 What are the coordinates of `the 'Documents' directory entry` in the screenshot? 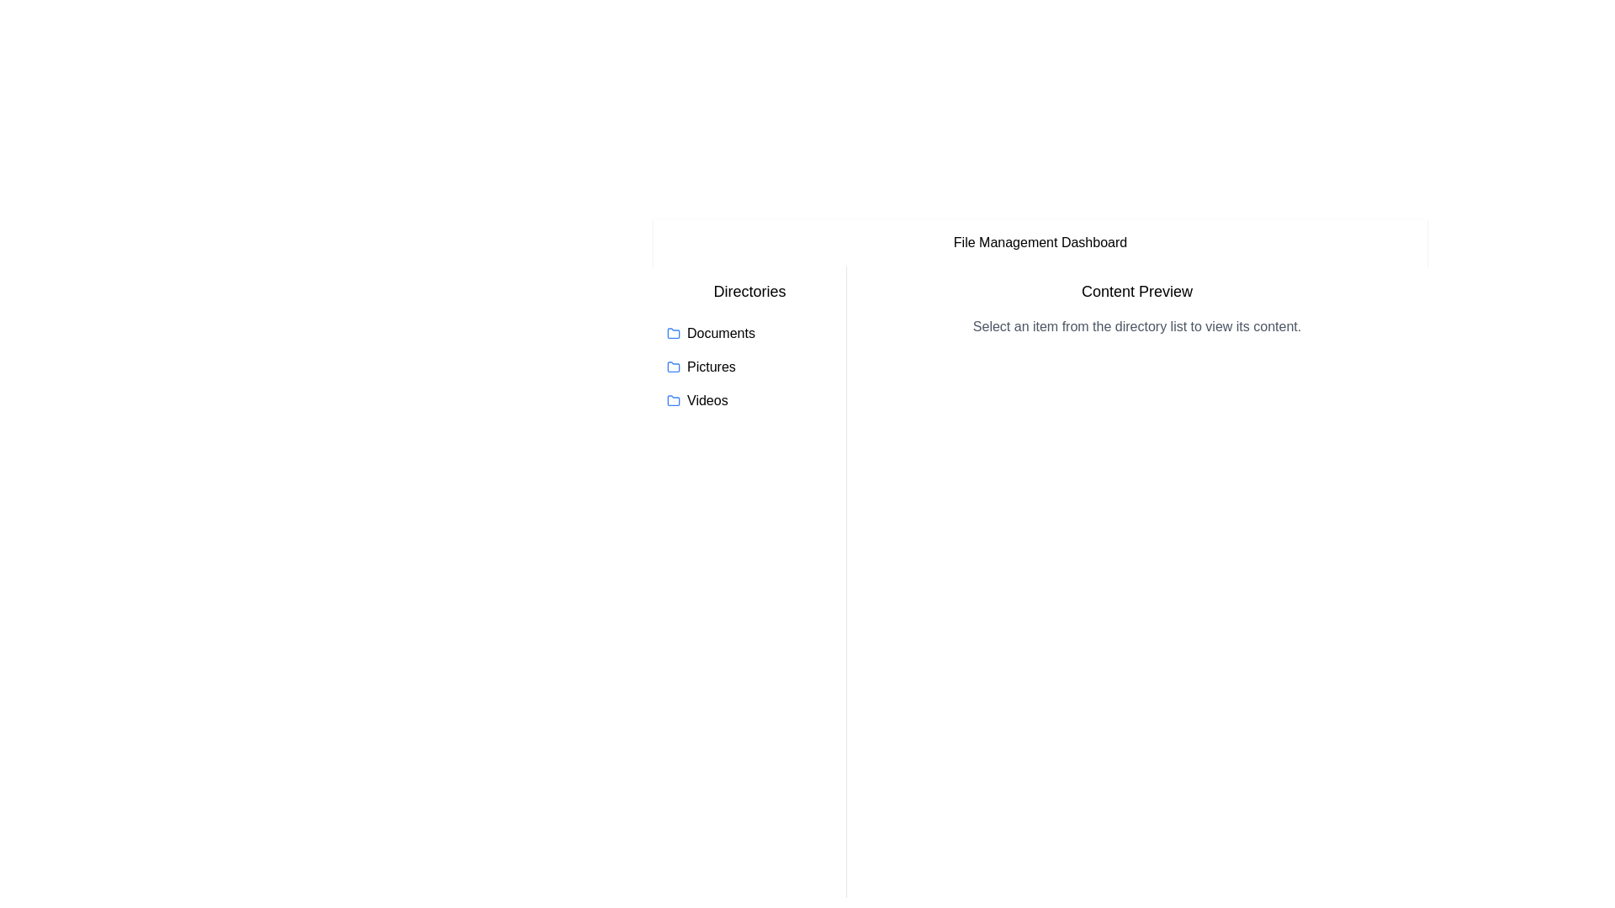 It's located at (749, 334).